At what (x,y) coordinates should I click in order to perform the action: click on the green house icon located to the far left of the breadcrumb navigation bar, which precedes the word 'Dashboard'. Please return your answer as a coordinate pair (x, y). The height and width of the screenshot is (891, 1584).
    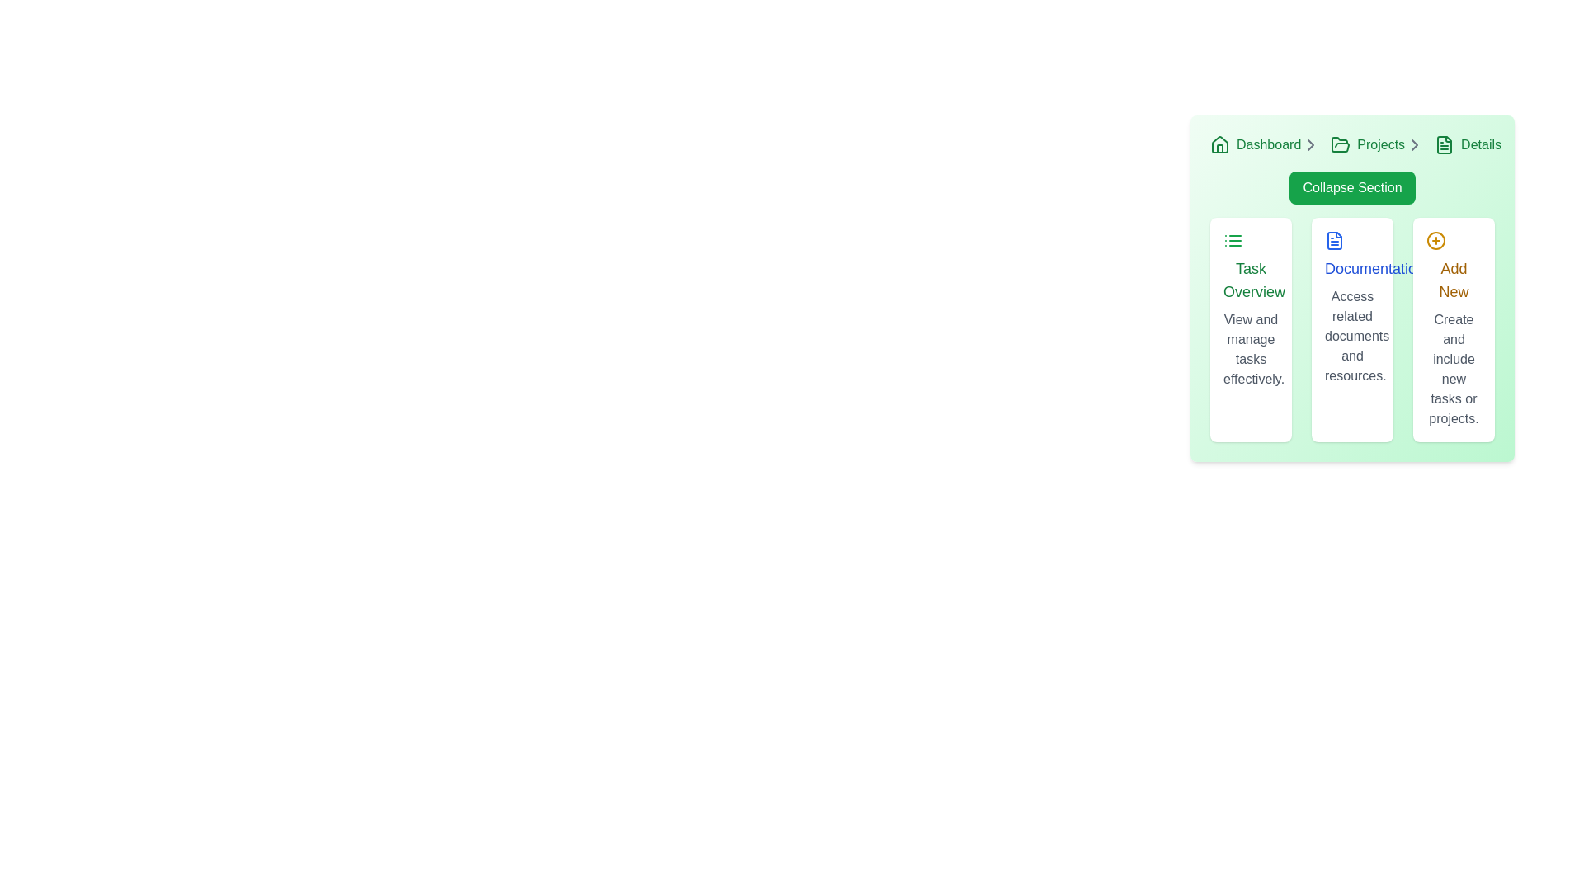
    Looking at the image, I should click on (1219, 144).